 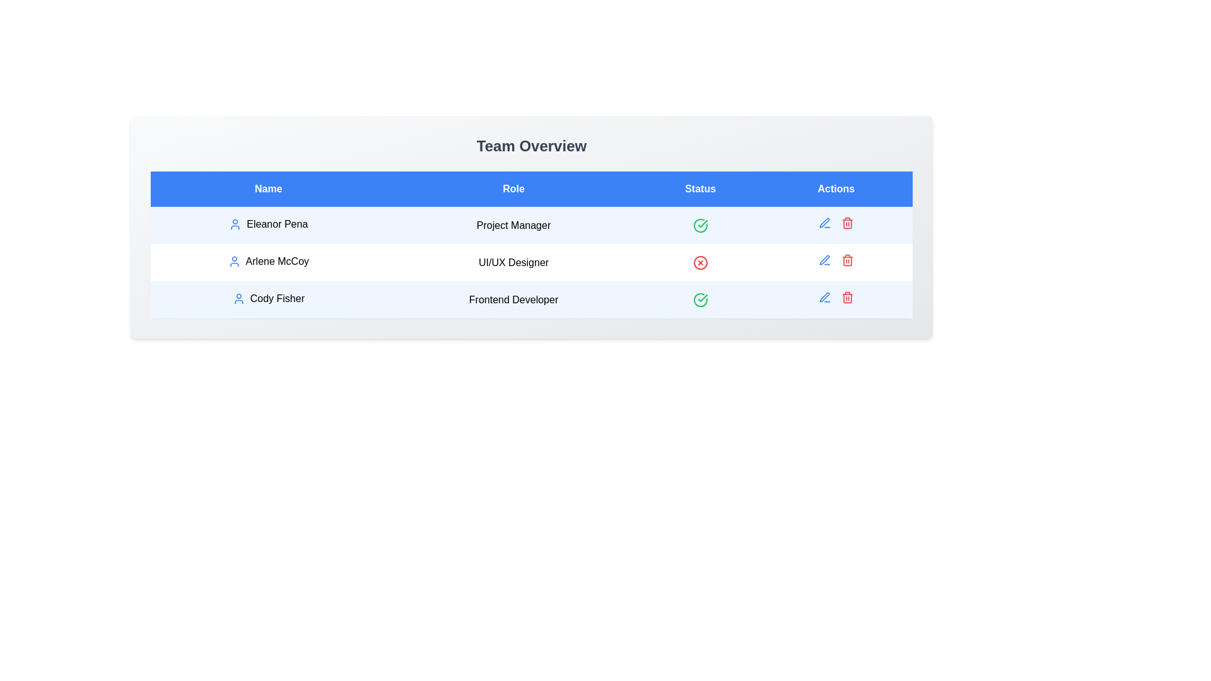 What do you see at coordinates (702, 223) in the screenshot?
I see `the green checkmark icon enclosed in a circle located in the 'Status' column of the third row of the 'Team Overview' table, to the right of the 'Frontend Developer' label` at bounding box center [702, 223].